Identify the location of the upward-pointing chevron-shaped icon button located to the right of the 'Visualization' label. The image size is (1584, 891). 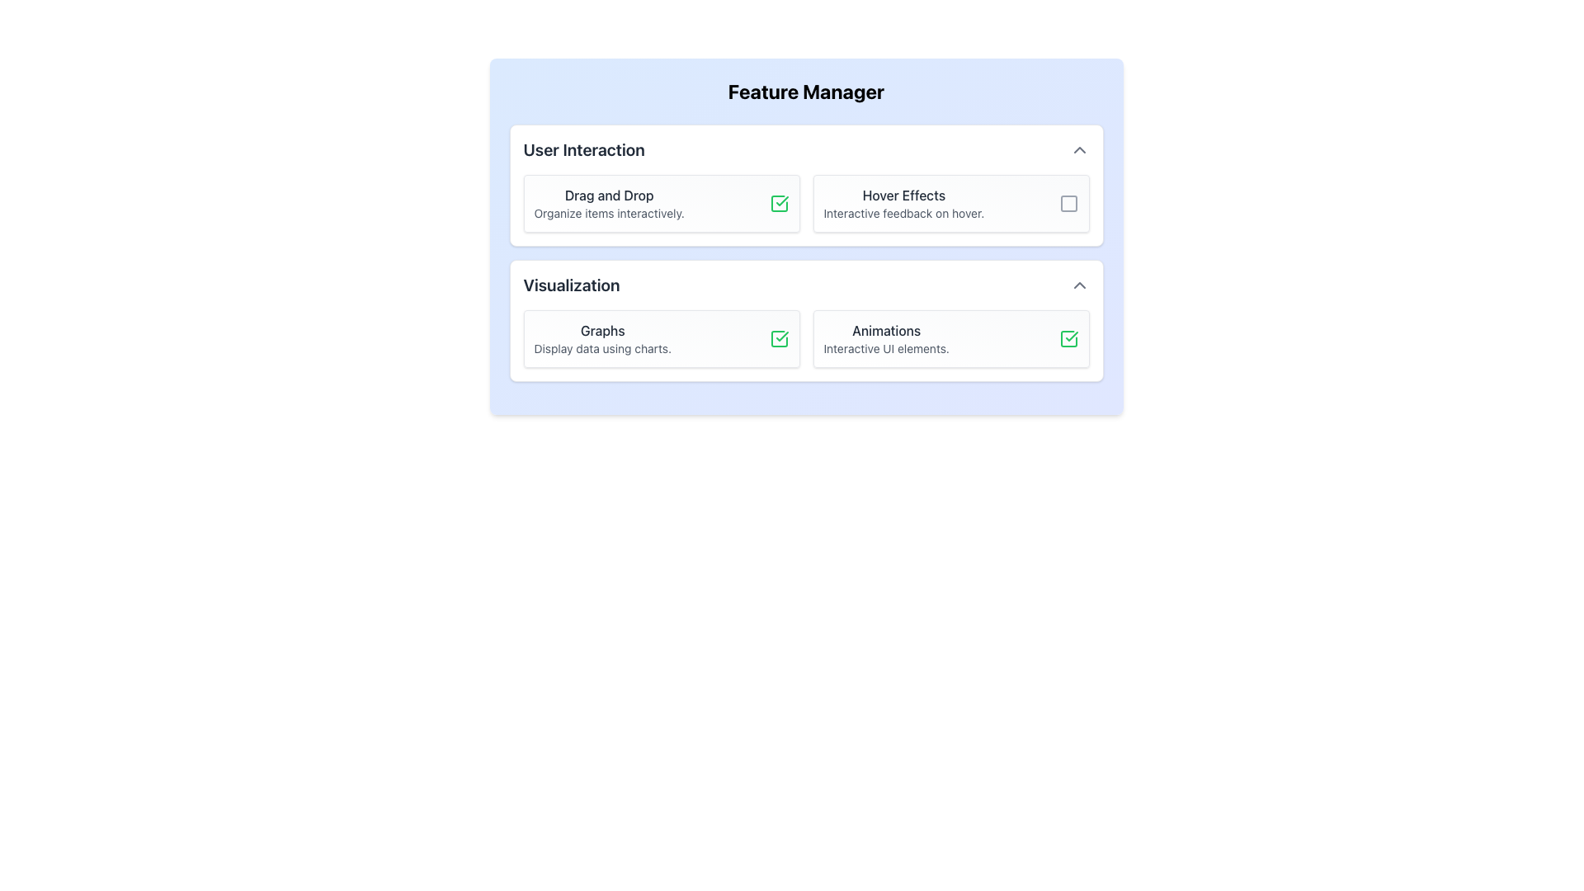
(1079, 285).